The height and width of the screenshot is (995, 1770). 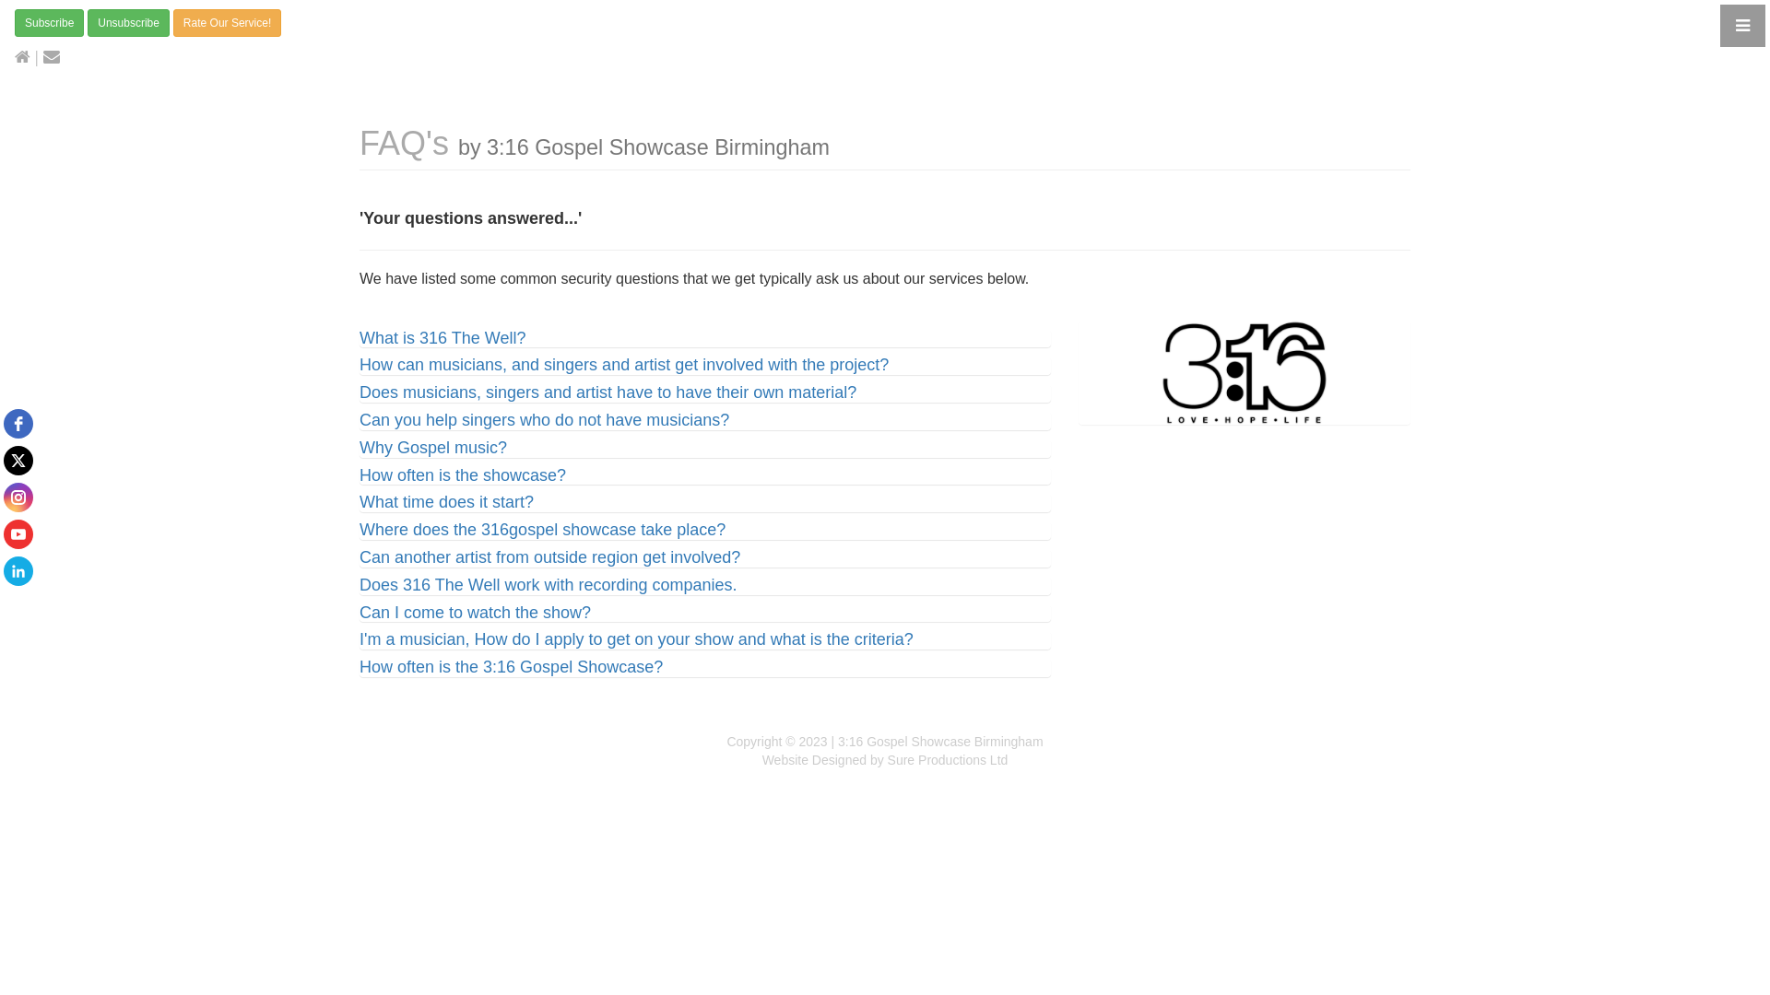 I want to click on 'Can I come to watch the show?', so click(x=475, y=612).